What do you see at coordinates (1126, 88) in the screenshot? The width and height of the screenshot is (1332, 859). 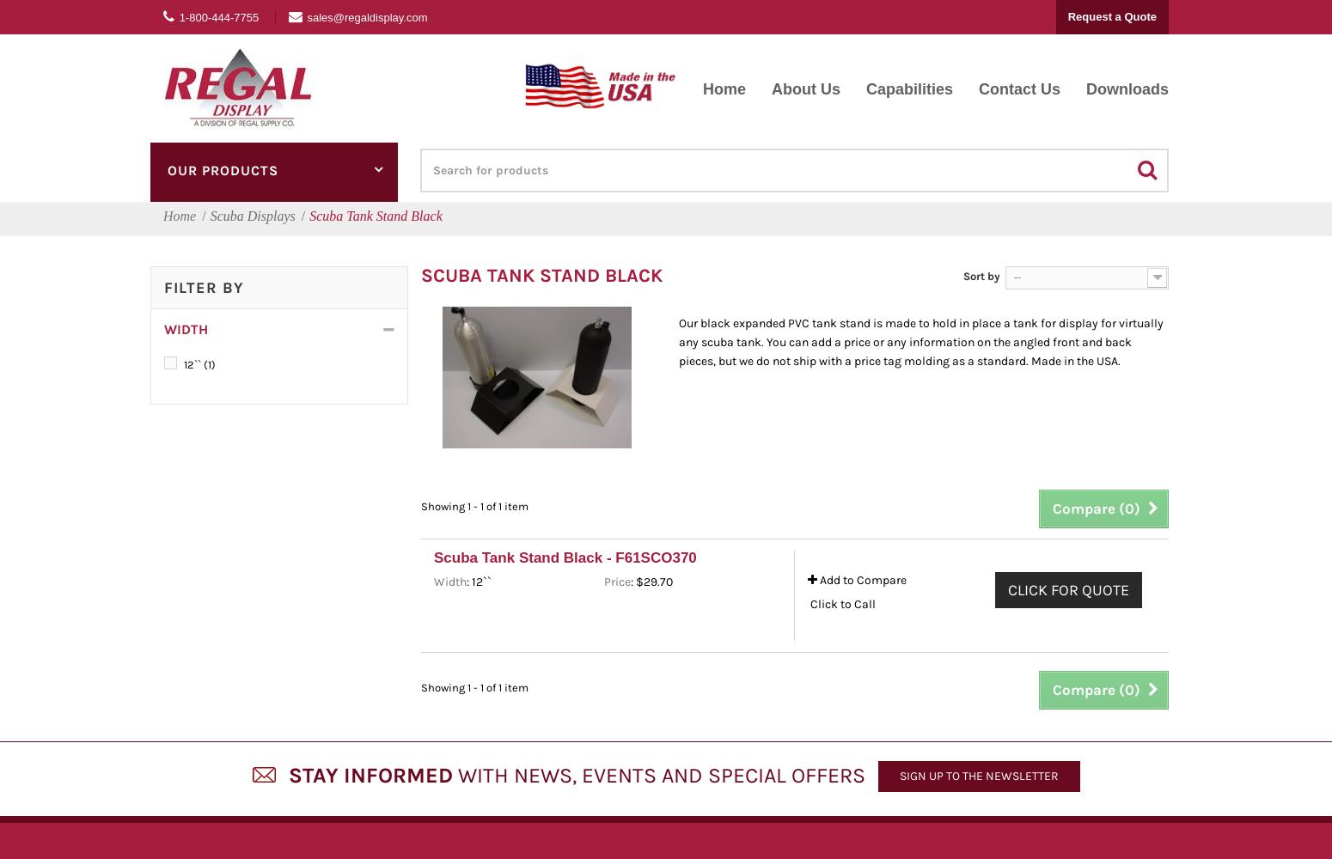 I see `'Downloads'` at bounding box center [1126, 88].